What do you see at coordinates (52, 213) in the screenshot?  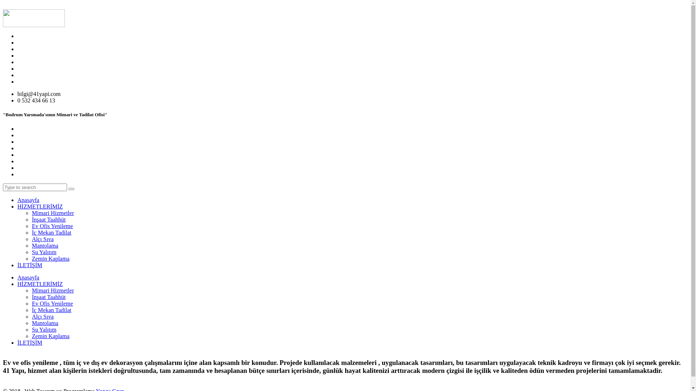 I see `'Mimari Hizmetler'` at bounding box center [52, 213].